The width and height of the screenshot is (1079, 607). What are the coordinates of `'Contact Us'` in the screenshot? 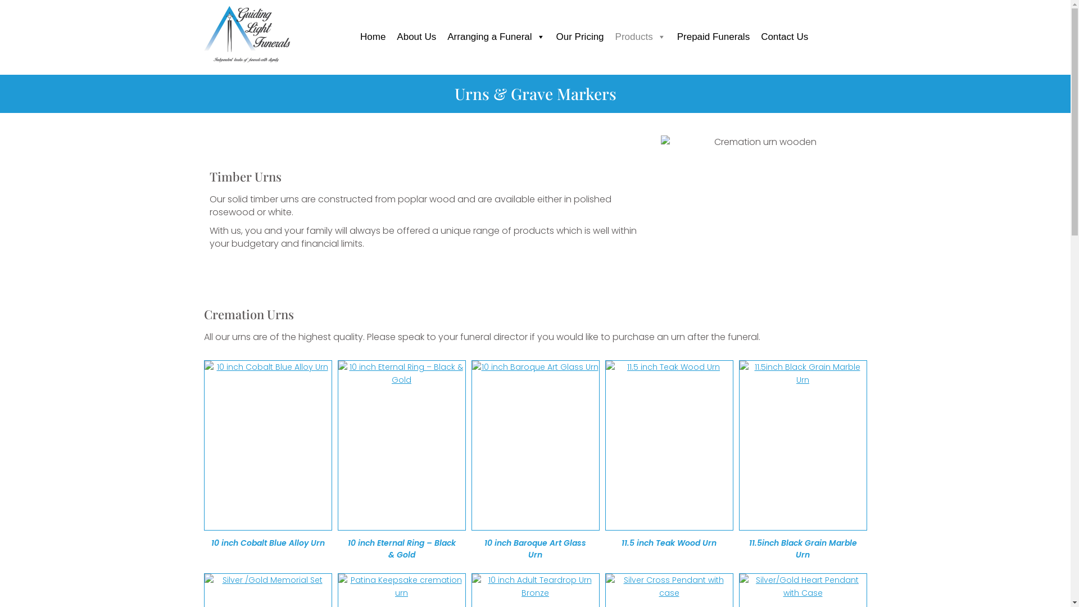 It's located at (755, 36).